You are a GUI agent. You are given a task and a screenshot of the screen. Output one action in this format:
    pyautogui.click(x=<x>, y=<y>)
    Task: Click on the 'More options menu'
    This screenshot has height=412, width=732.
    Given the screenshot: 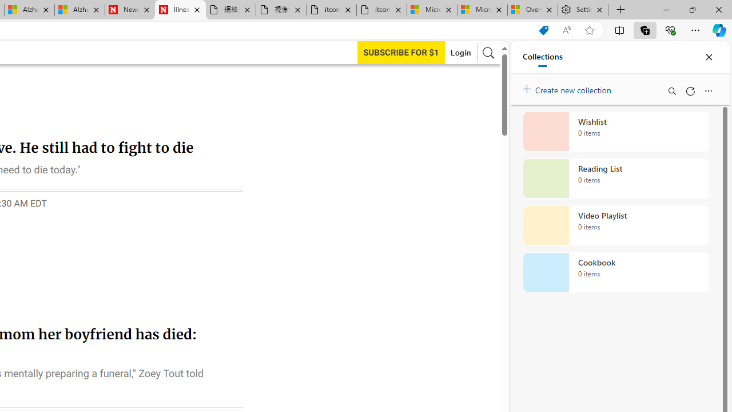 What is the action you would take?
    pyautogui.click(x=707, y=90)
    